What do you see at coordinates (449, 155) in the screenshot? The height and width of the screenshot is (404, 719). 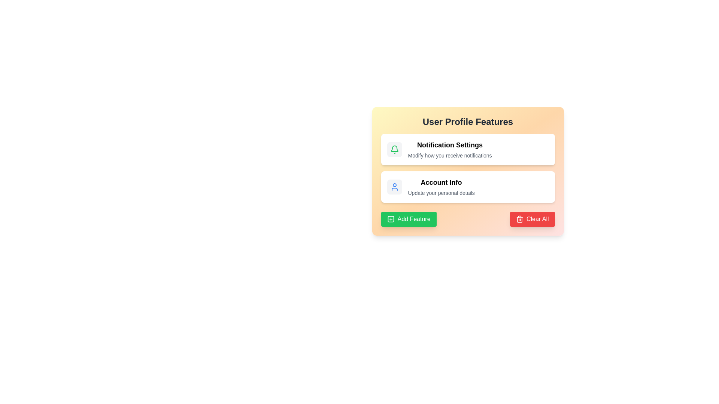 I see `supplementary description text label located directly below the 'Notification Settings' heading in the rectangular card layout` at bounding box center [449, 155].